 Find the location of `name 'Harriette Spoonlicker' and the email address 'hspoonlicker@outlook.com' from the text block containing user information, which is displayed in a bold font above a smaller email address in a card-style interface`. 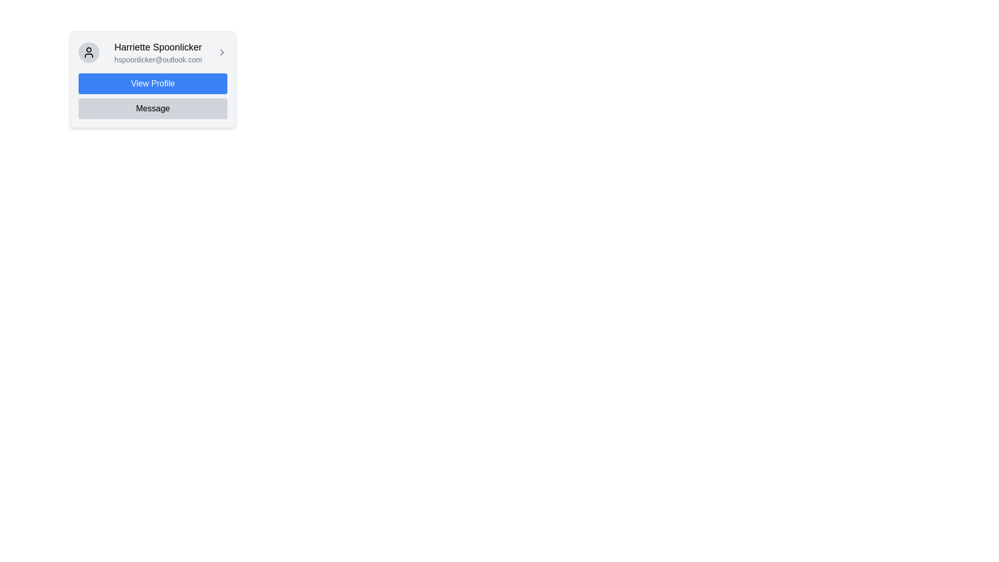

name 'Harriette Spoonlicker' and the email address 'hspoonlicker@outlook.com' from the text block containing user information, which is displayed in a bold font above a smaller email address in a card-style interface is located at coordinates (157, 52).